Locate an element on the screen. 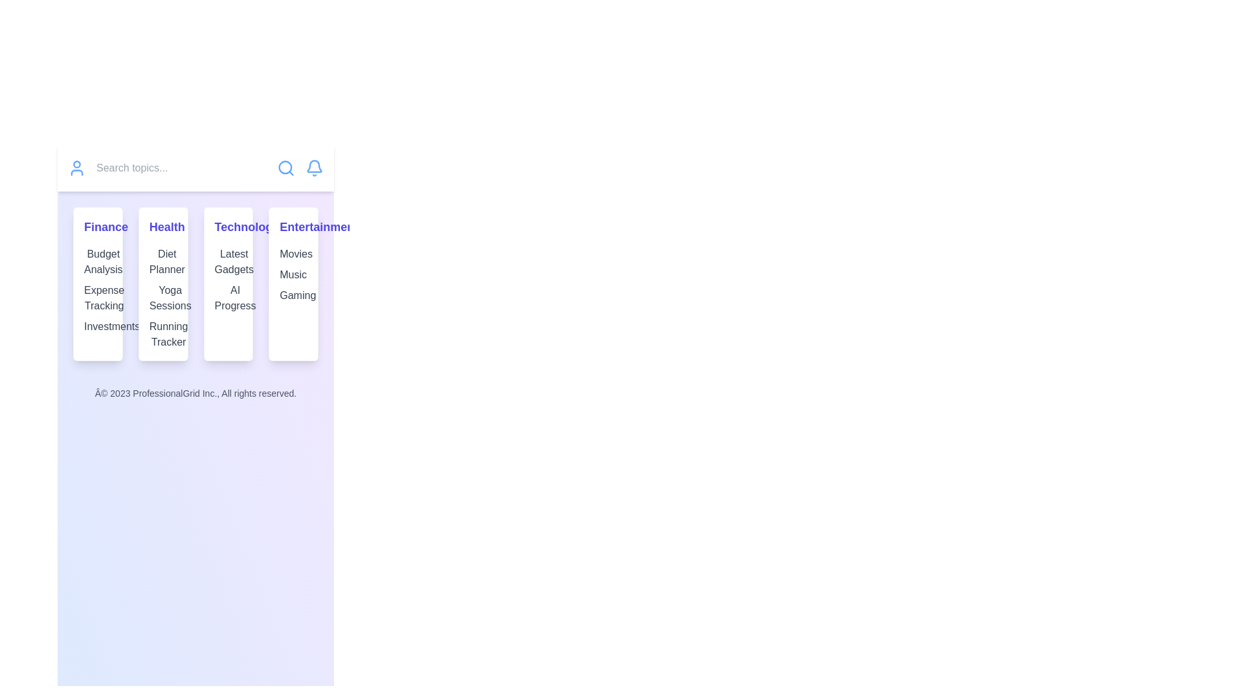  the 'Music' label, which is the second selectable option in the 'Entertainment' category is located at coordinates (293, 274).